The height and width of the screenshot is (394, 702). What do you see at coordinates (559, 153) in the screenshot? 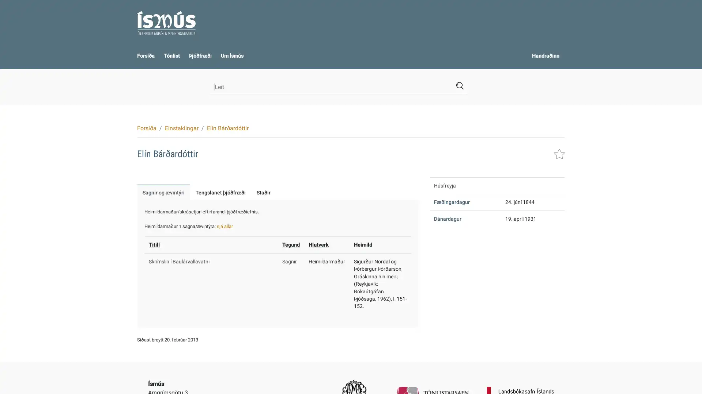
I see `Leggja i handraann` at bounding box center [559, 153].